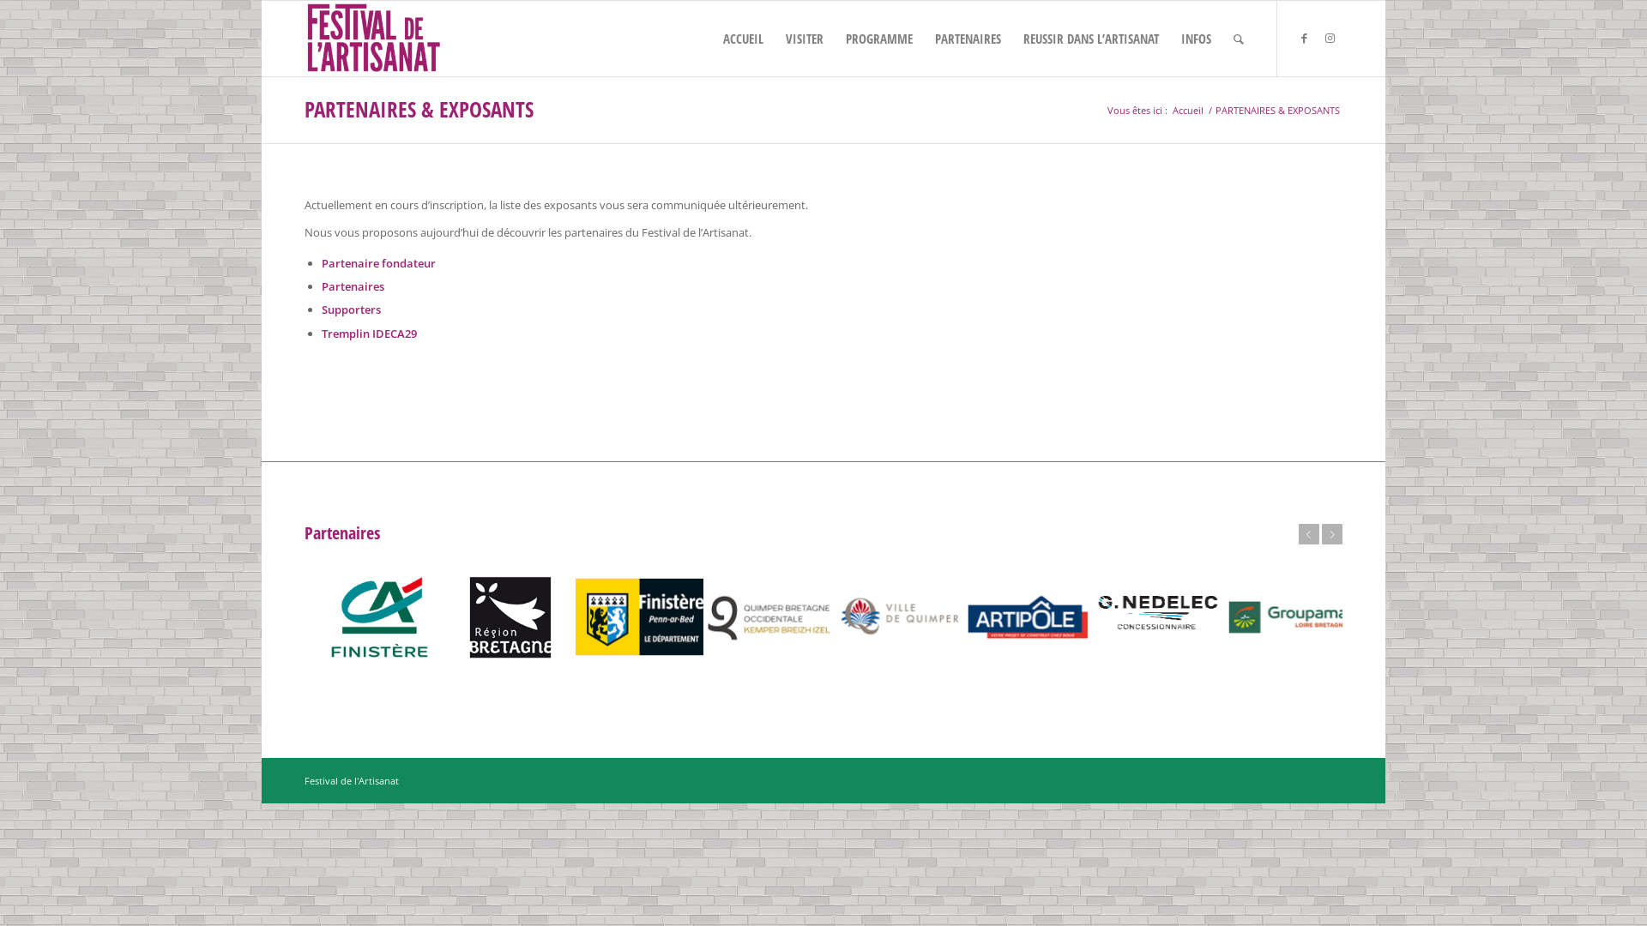 This screenshot has width=1647, height=926. What do you see at coordinates (1329, 37) in the screenshot?
I see `'Instagram'` at bounding box center [1329, 37].